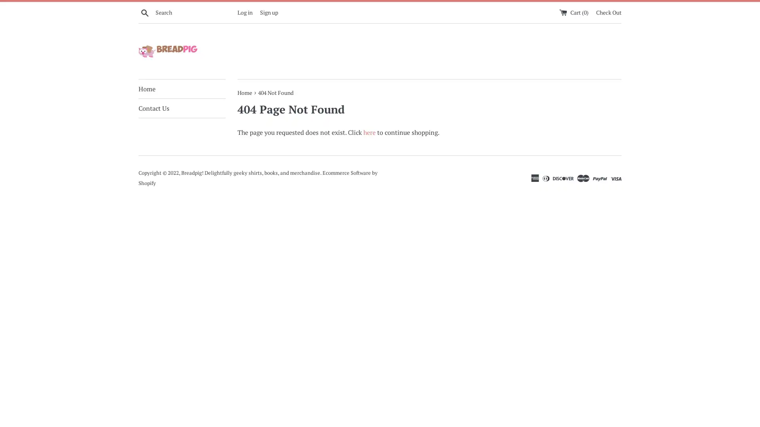 The height and width of the screenshot is (427, 760). Describe the element at coordinates (144, 12) in the screenshot. I see `Search` at that location.